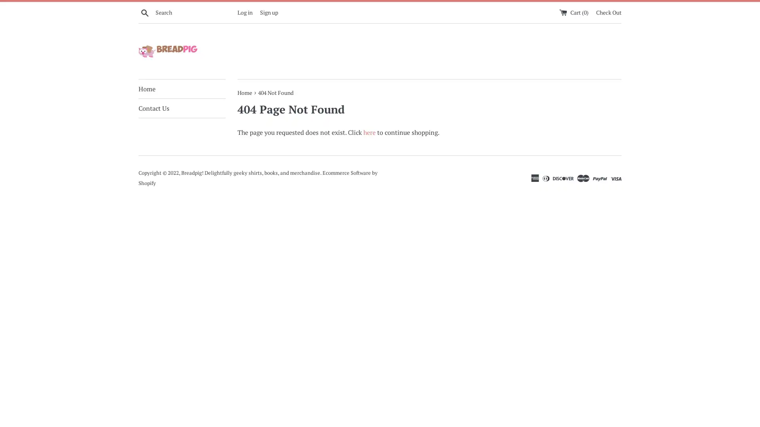 The height and width of the screenshot is (427, 760). Describe the element at coordinates (144, 12) in the screenshot. I see `Search` at that location.